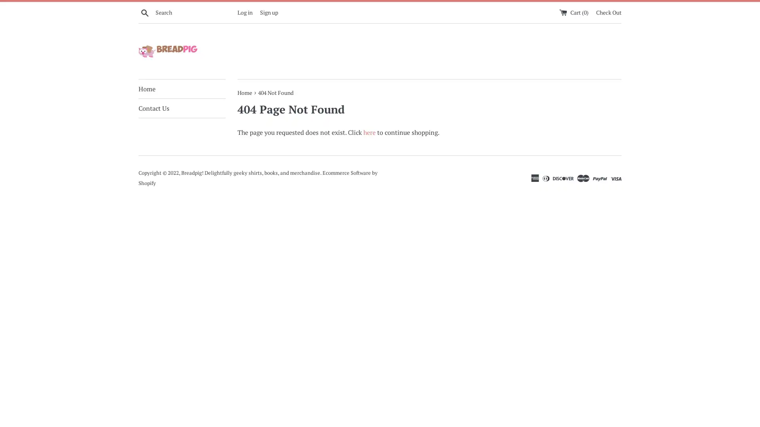 The height and width of the screenshot is (427, 760). Describe the element at coordinates (144, 12) in the screenshot. I see `Search` at that location.